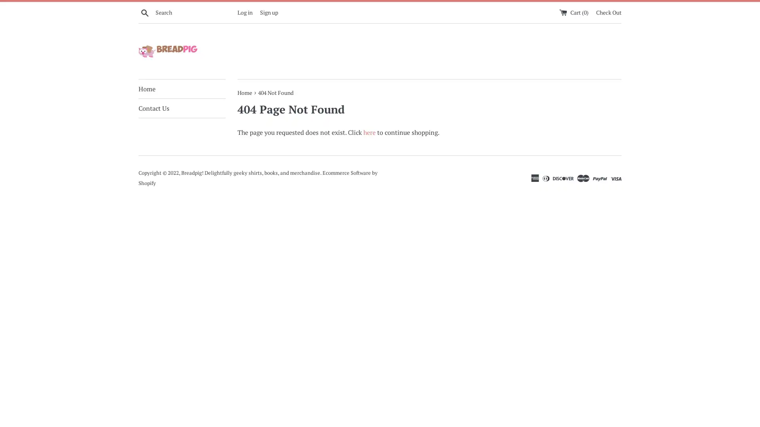 The height and width of the screenshot is (427, 760). Describe the element at coordinates (144, 12) in the screenshot. I see `Search` at that location.